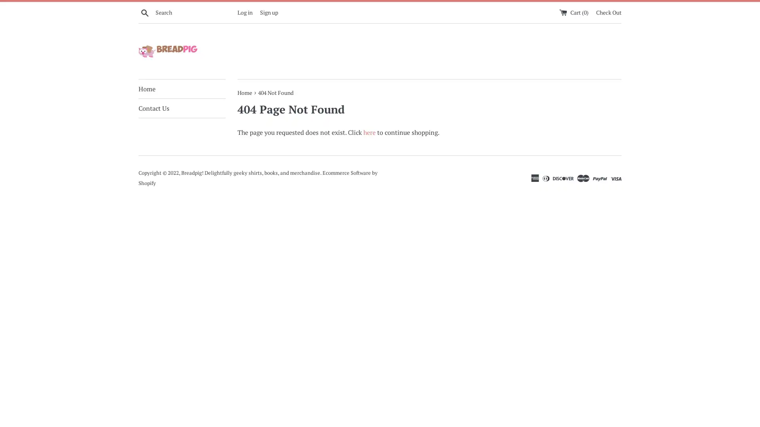 The height and width of the screenshot is (427, 760). Describe the element at coordinates (144, 12) in the screenshot. I see `Search` at that location.